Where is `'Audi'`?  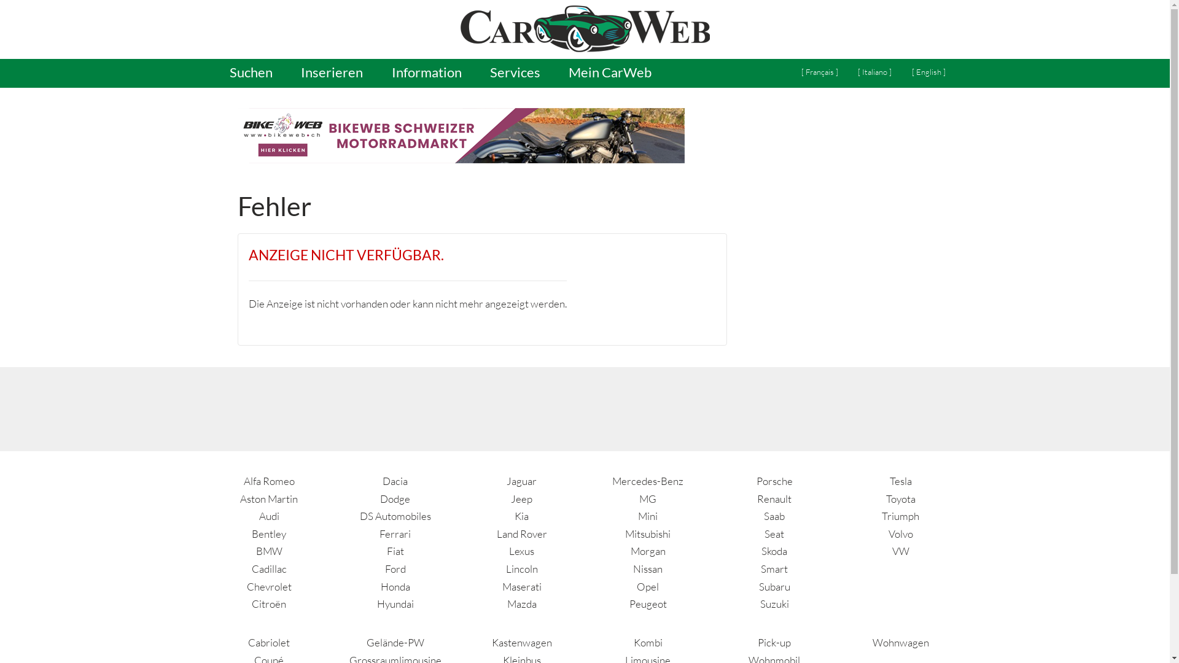 'Audi' is located at coordinates (268, 516).